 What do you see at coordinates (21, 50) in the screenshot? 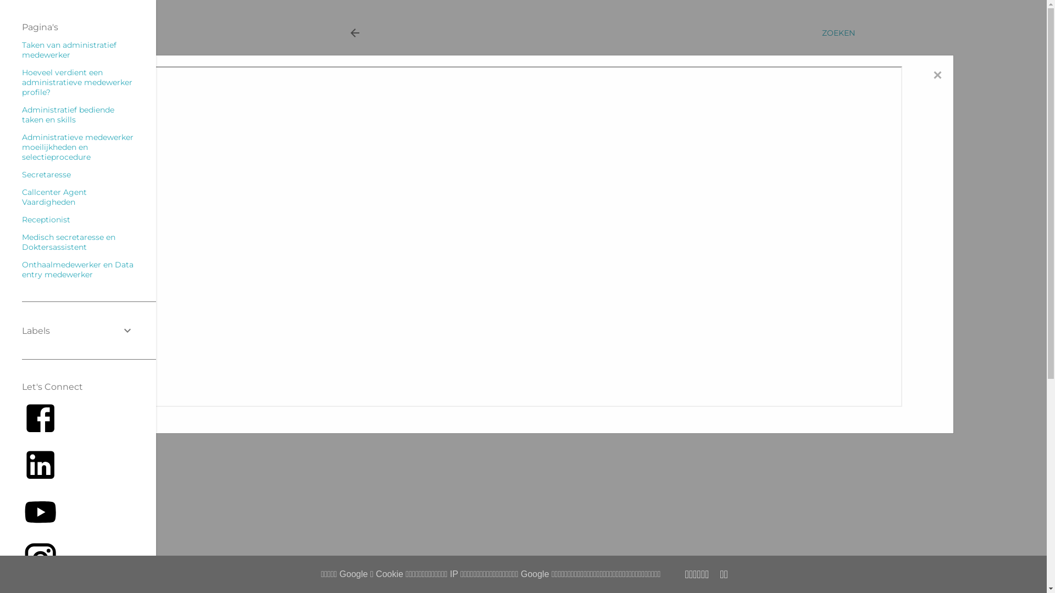
I see `'Taken van administratief medewerker'` at bounding box center [21, 50].